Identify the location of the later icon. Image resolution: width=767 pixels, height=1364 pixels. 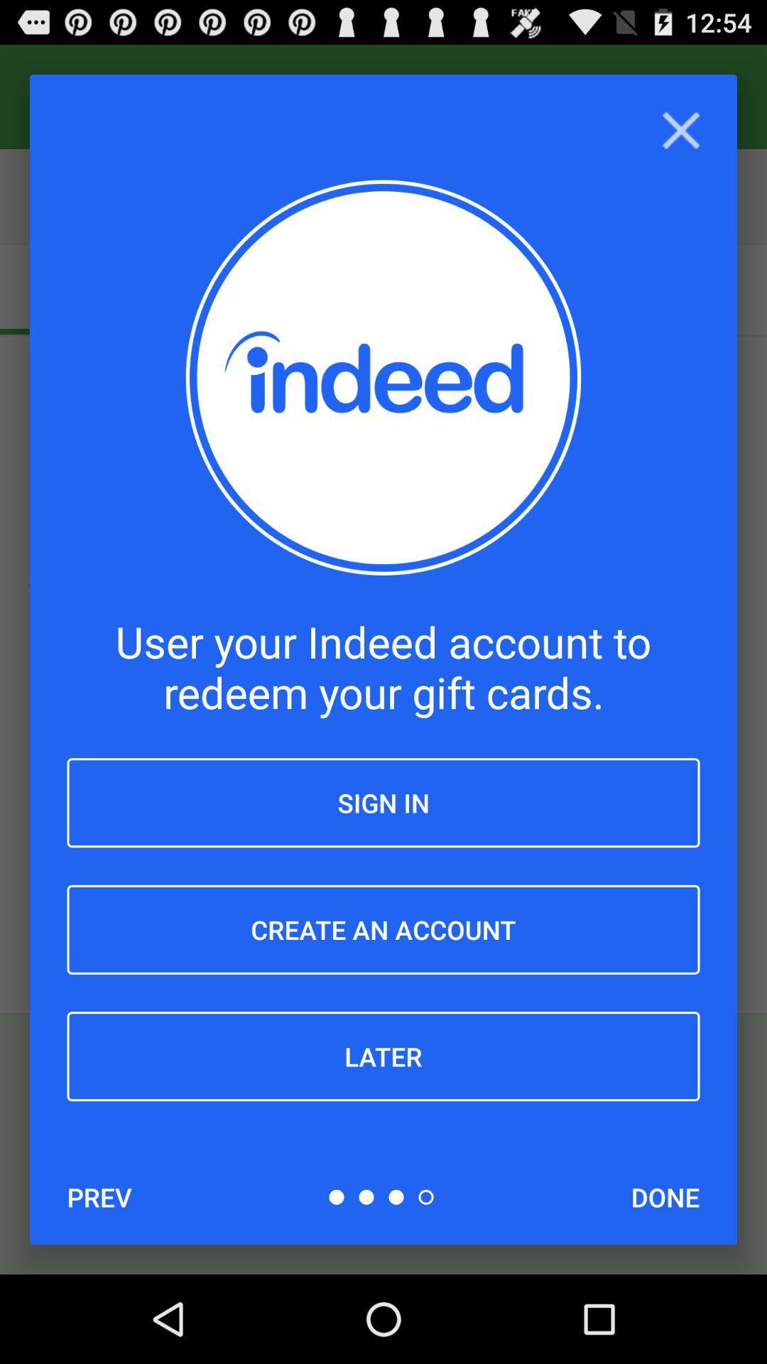
(383, 1056).